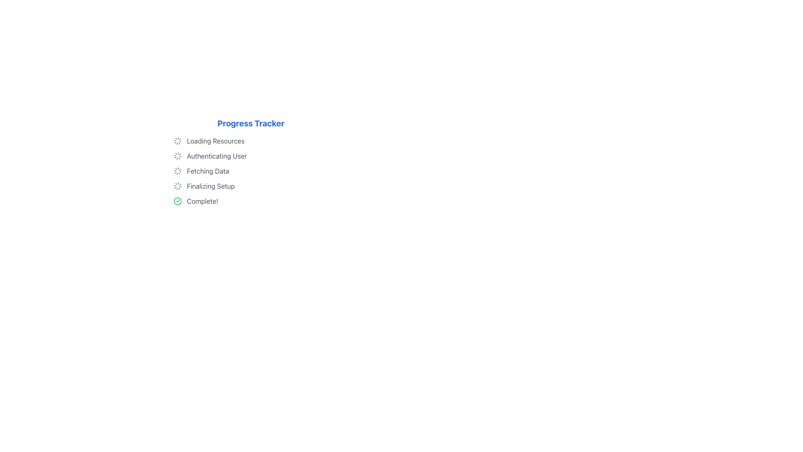  What do you see at coordinates (177, 156) in the screenshot?
I see `the Loader/Spinner icon located under the 'Progress Tracker' heading, which is the second item next to 'Authenticating User'` at bounding box center [177, 156].